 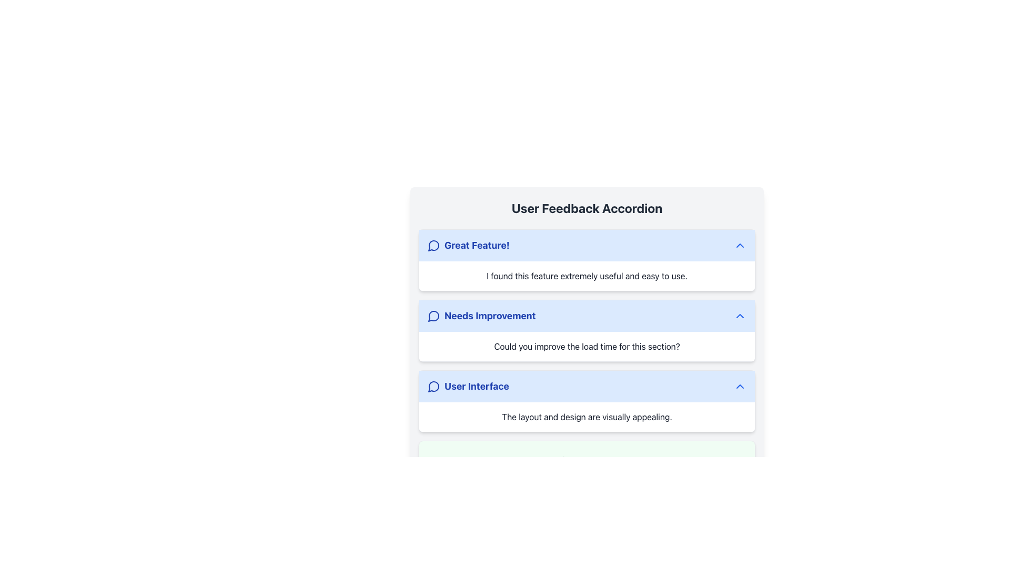 What do you see at coordinates (468, 387) in the screenshot?
I see `the label with associated icon that serves as the title for the accordion section to focus on the related content` at bounding box center [468, 387].